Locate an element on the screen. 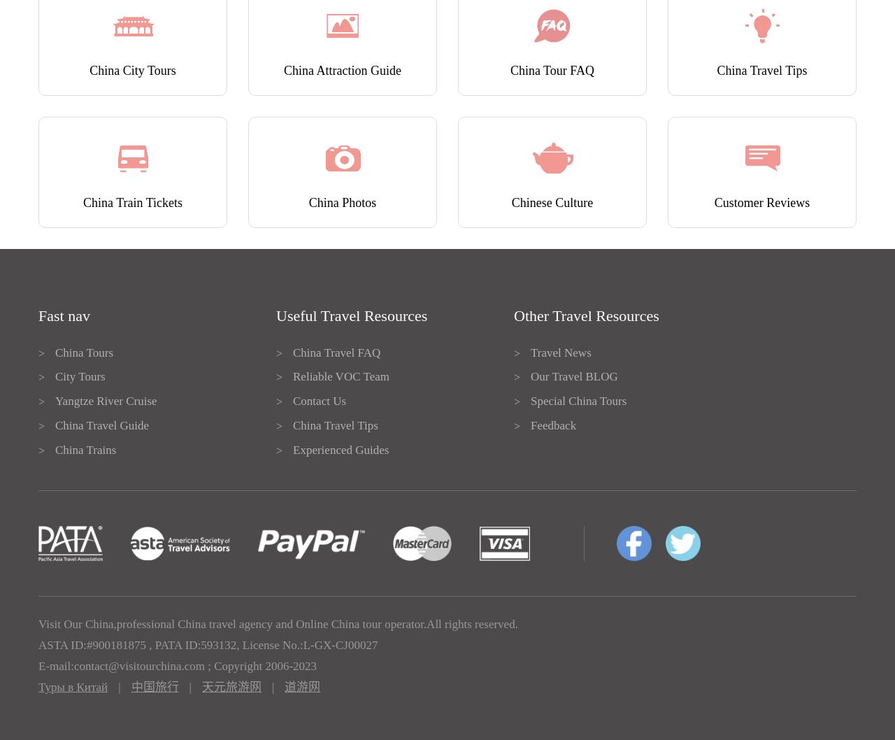  'Visit Our China,professional China travel agency and Online China tour operator.All rights reserved.' is located at coordinates (38, 624).